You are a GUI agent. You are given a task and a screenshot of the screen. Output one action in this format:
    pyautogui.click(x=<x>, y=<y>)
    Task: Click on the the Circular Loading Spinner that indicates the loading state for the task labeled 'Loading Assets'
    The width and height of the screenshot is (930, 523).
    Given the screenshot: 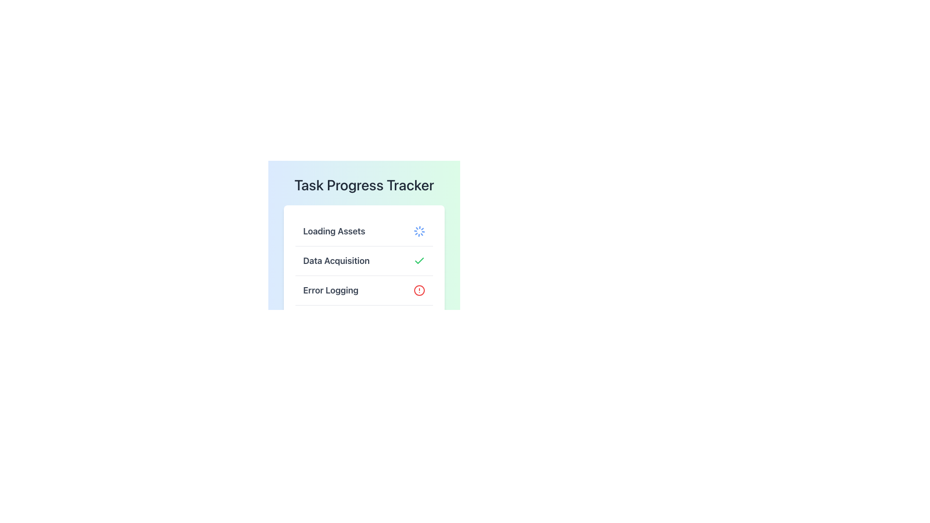 What is the action you would take?
    pyautogui.click(x=419, y=231)
    